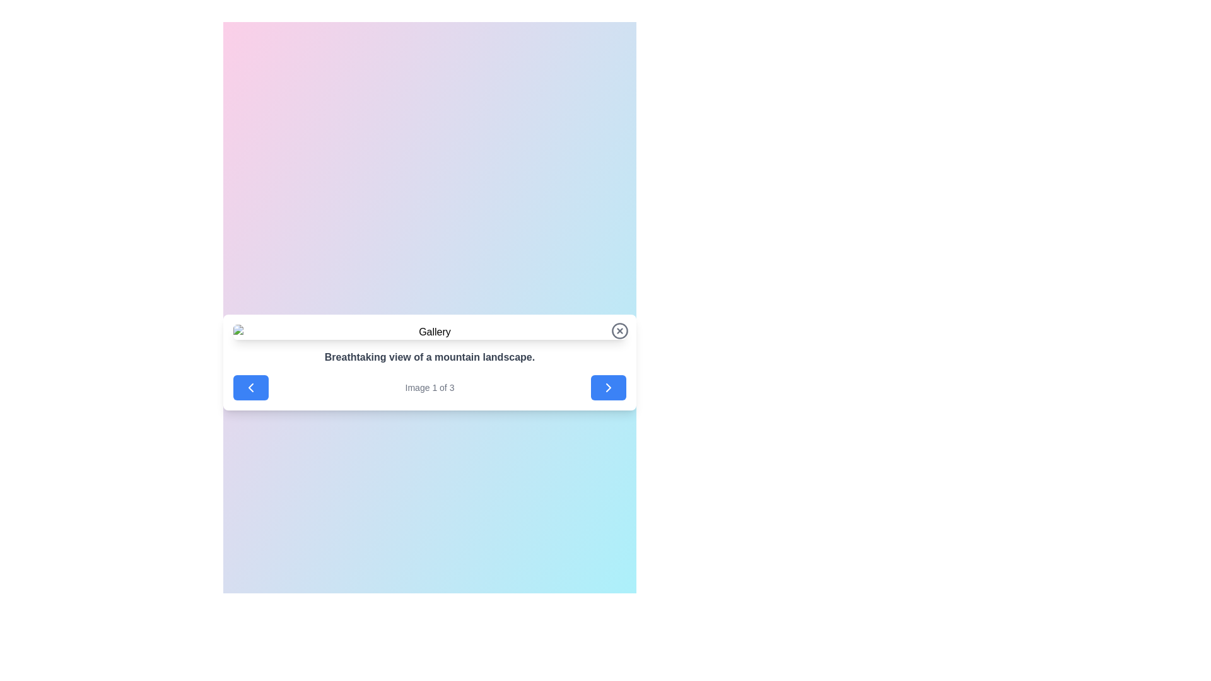 This screenshot has width=1211, height=681. I want to click on the Text Label that indicates the current image and total number of images in the gallery, located at the bottom of the gallery display card, so click(430, 387).